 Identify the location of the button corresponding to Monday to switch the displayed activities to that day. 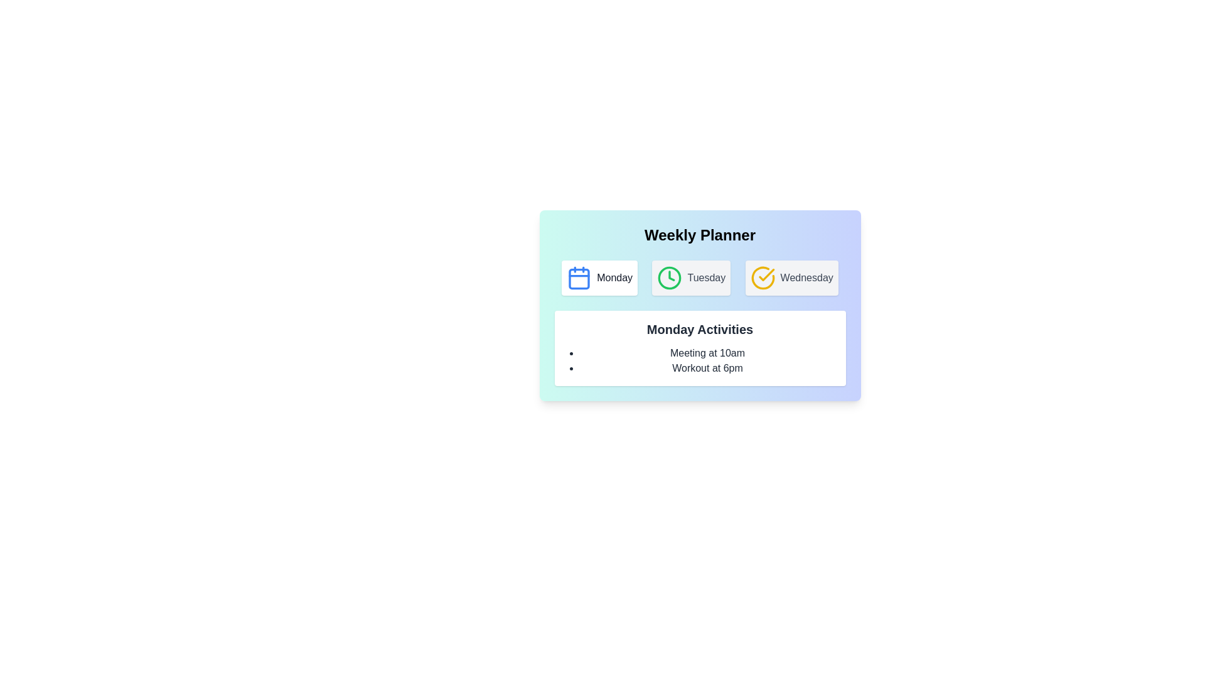
(599, 277).